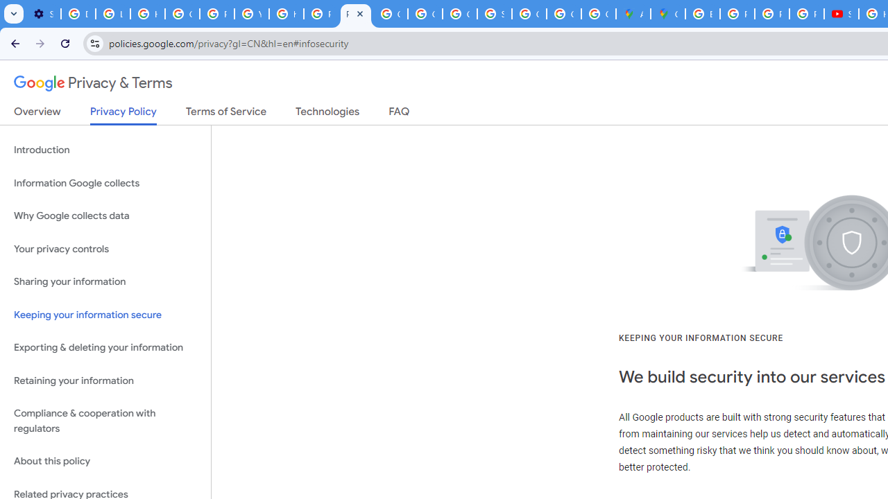  I want to click on 'Learn how to find your photos - Google Photos Help', so click(113, 14).